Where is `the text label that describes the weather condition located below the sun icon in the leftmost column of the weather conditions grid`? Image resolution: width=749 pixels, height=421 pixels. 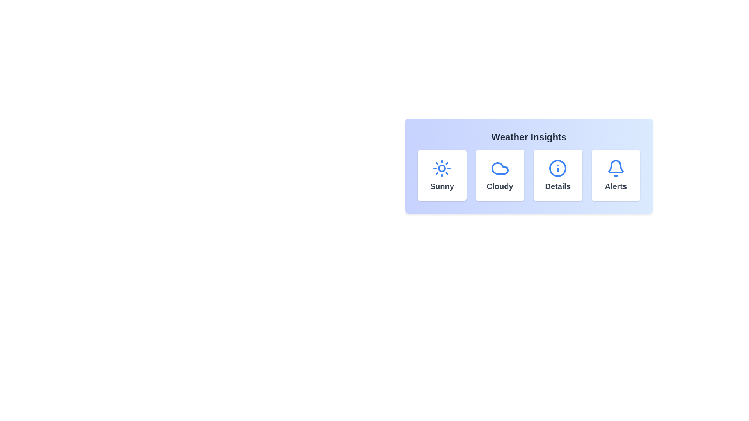 the text label that describes the weather condition located below the sun icon in the leftmost column of the weather conditions grid is located at coordinates (442, 186).